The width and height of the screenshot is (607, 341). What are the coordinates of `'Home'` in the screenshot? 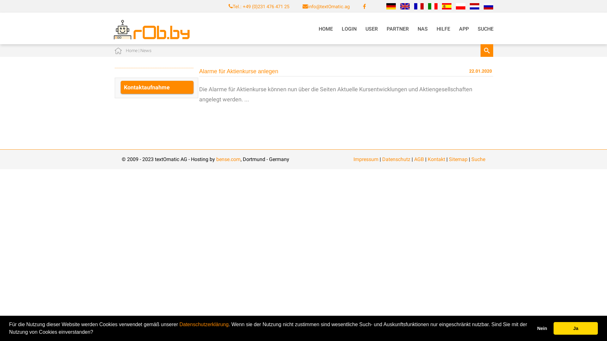 It's located at (131, 50).